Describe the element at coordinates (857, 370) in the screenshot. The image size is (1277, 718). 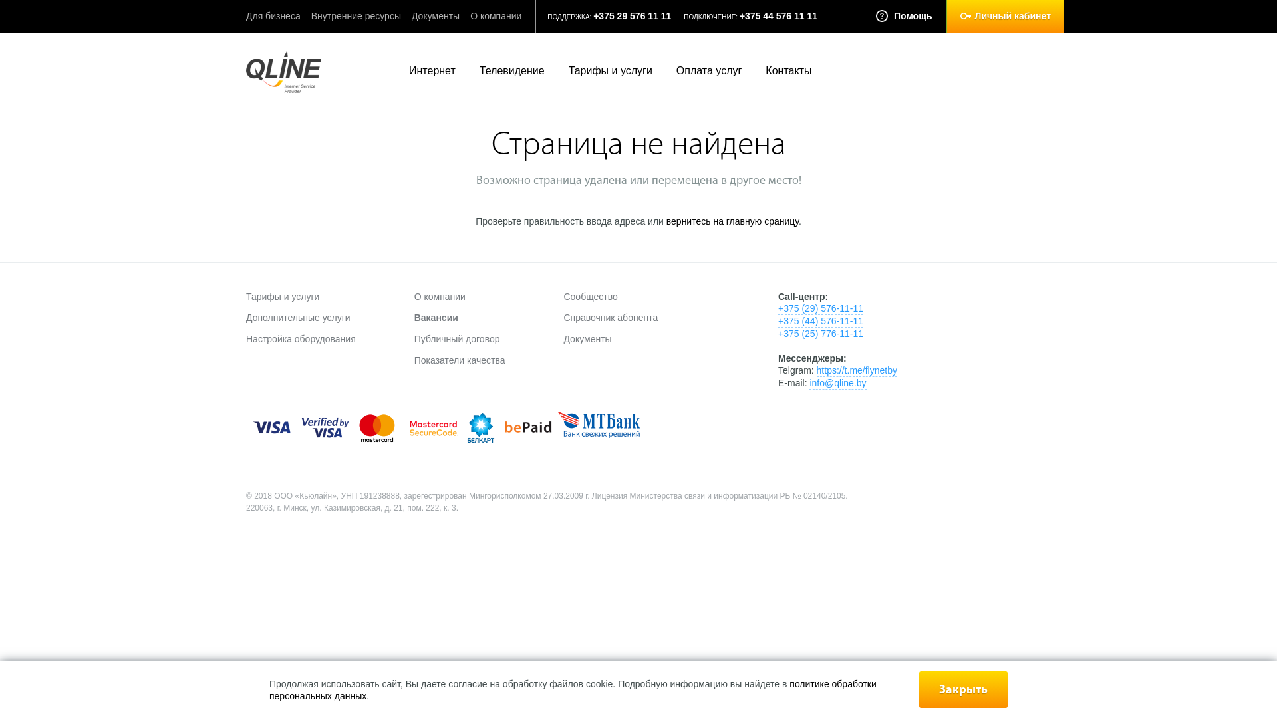
I see `'https://t.me/flynetby'` at that location.